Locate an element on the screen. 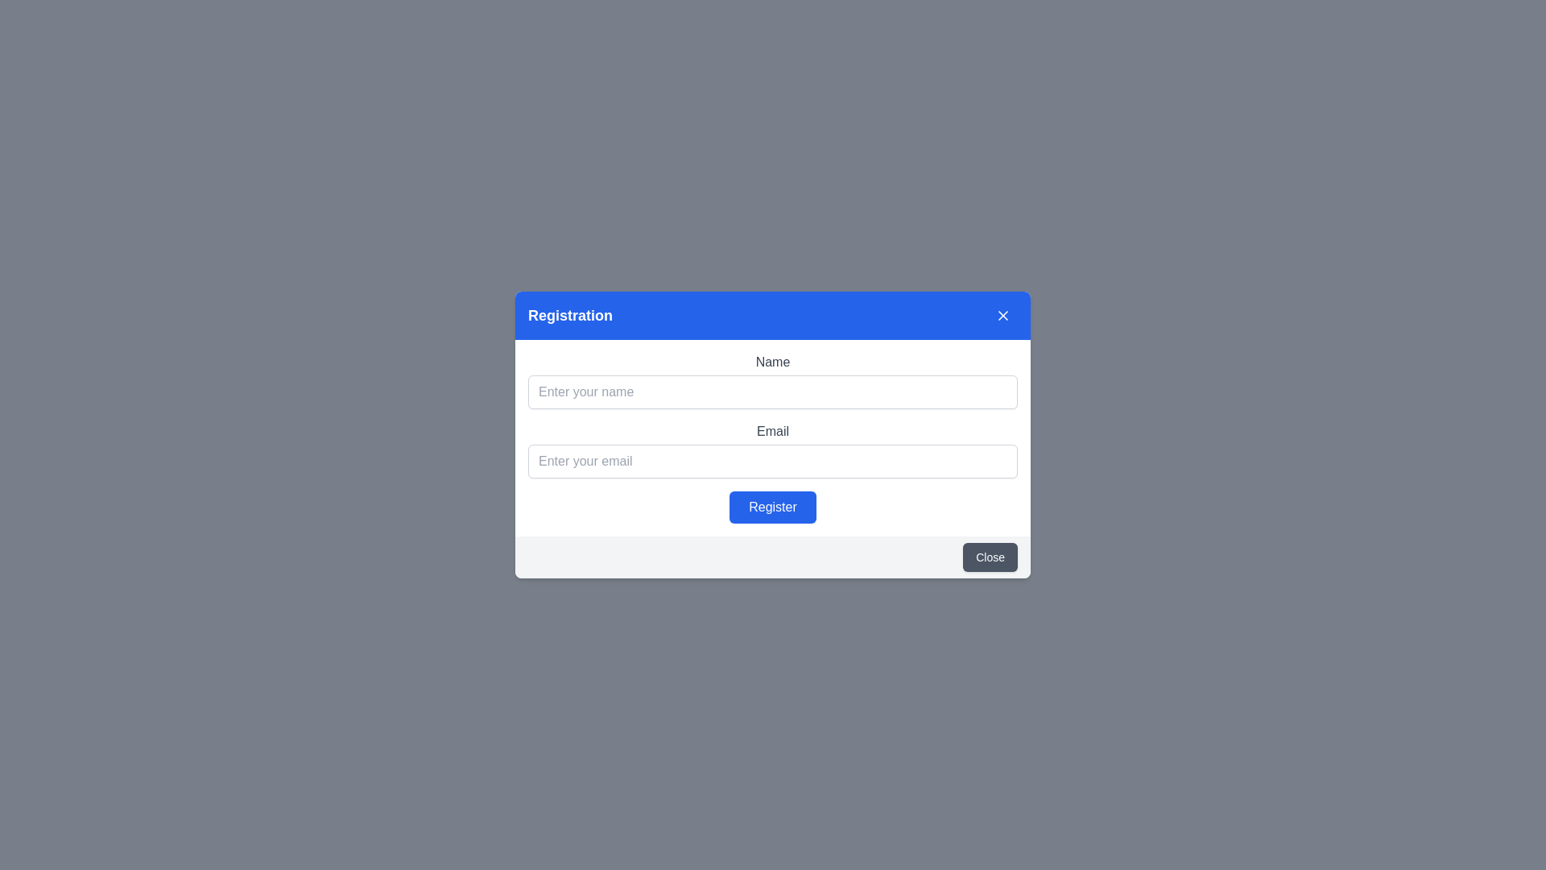  the small circular blue button with a white 'X' icon located in the top-right corner of the modal dialog's header is located at coordinates (1002, 316).